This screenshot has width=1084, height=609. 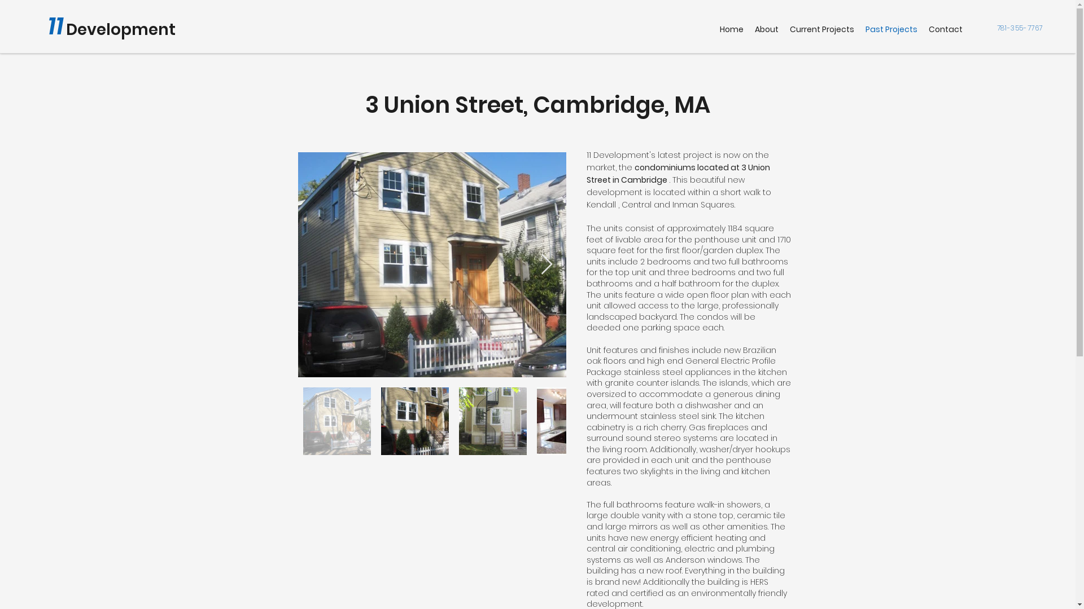 I want to click on 'Current Projects', so click(x=783, y=29).